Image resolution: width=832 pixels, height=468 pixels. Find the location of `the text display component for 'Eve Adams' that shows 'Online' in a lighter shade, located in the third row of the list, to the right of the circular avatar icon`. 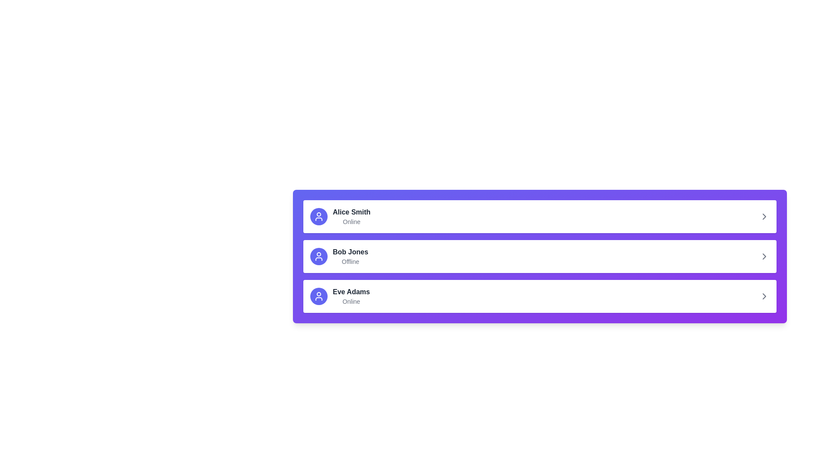

the text display component for 'Eve Adams' that shows 'Online' in a lighter shade, located in the third row of the list, to the right of the circular avatar icon is located at coordinates (351, 296).